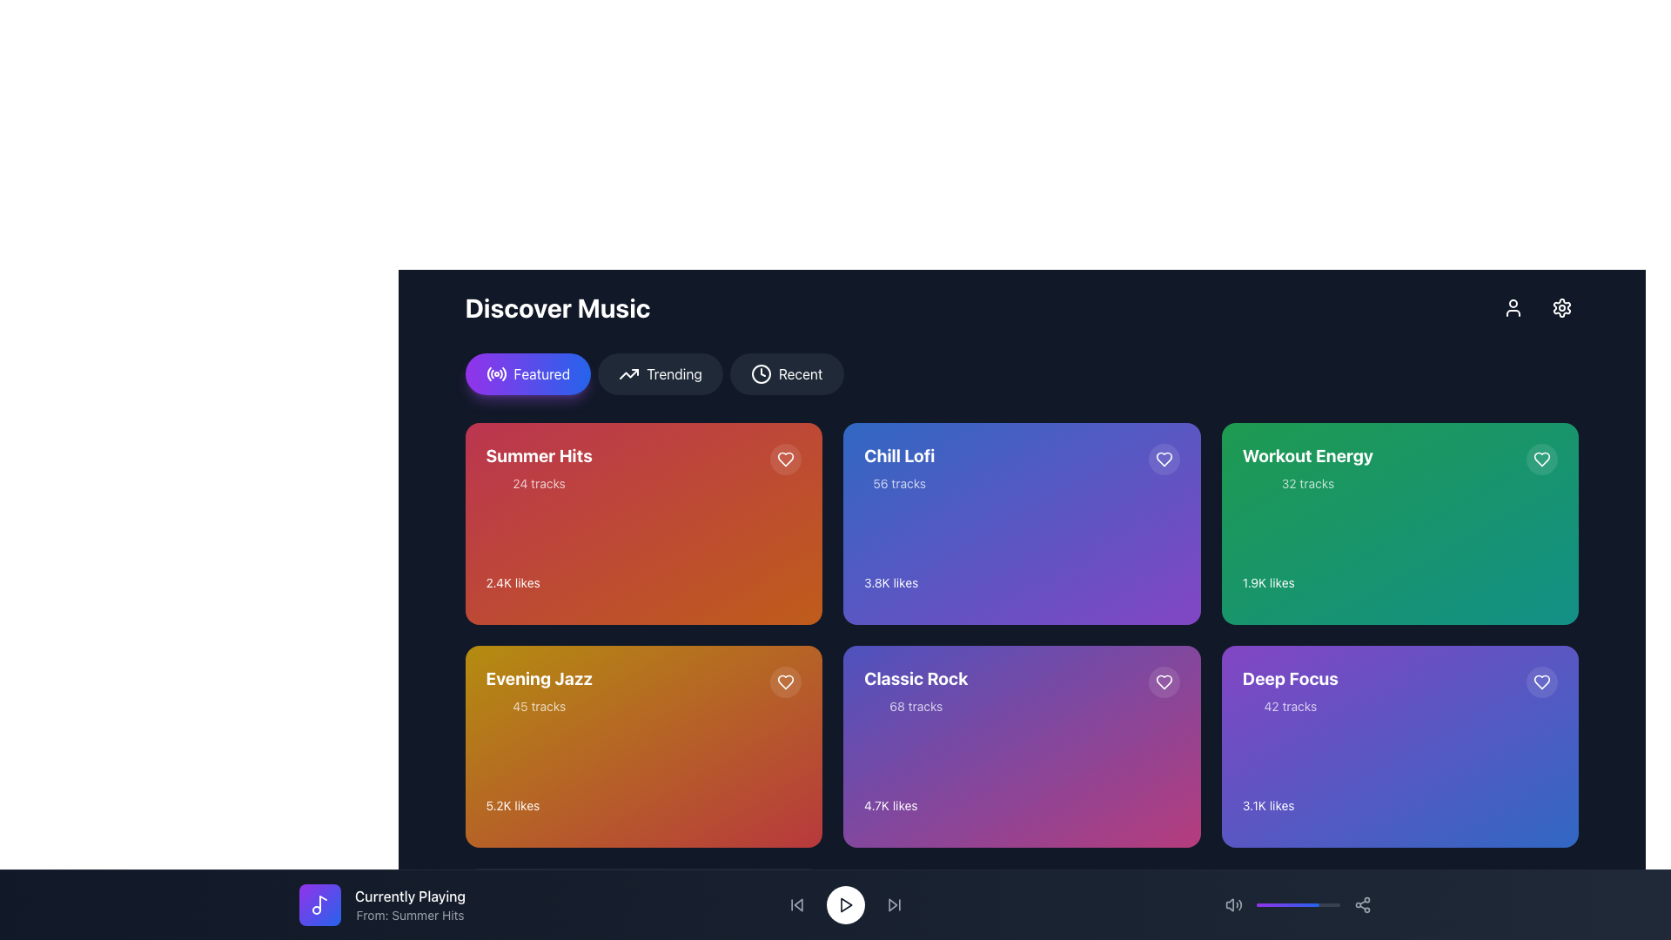  Describe the element at coordinates (1299, 904) in the screenshot. I see `the progress bar located centrally in the bottom control panel, between the volume control and share icon` at that location.